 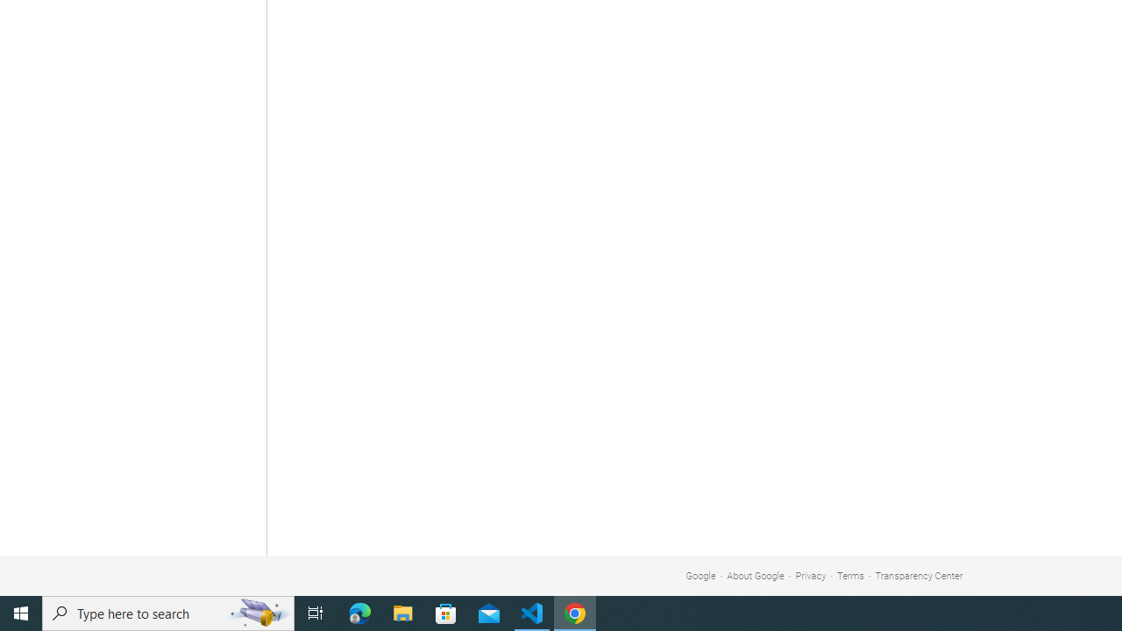 What do you see at coordinates (918, 576) in the screenshot?
I see `'Transparency Center'` at bounding box center [918, 576].